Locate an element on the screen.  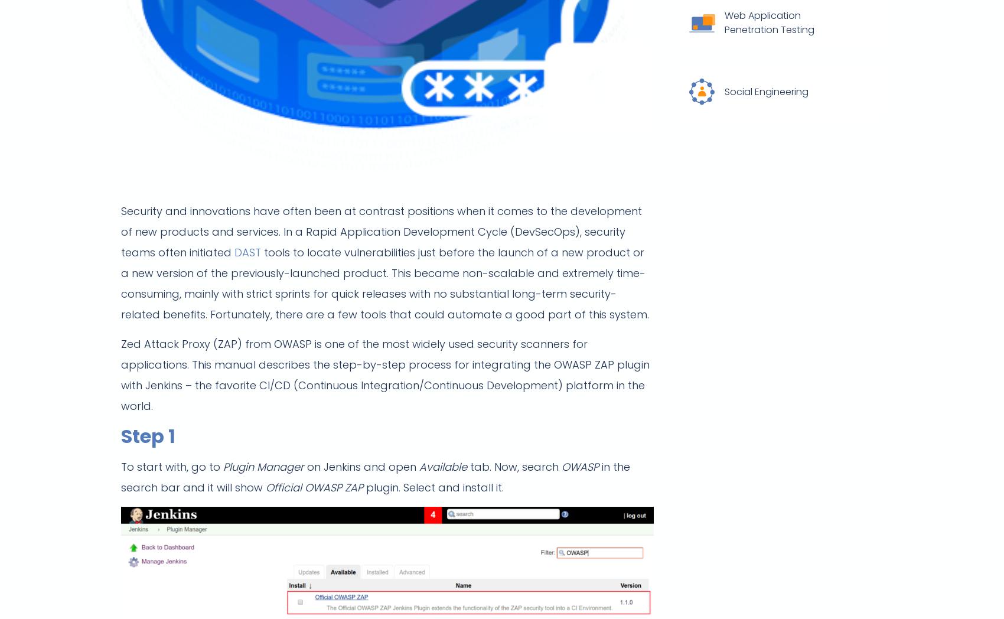
'plugin. Select and install it.' is located at coordinates (433, 487).